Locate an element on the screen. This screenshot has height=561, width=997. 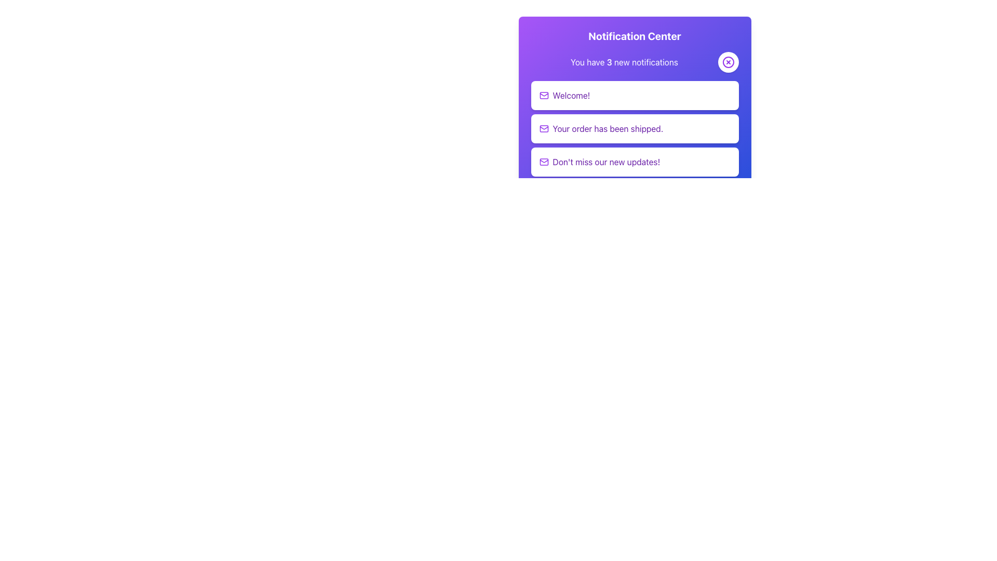
notifications from the 'Notification Center' card, which features a gradient background and displays the title and subtitle in white text is located at coordinates (634, 117).